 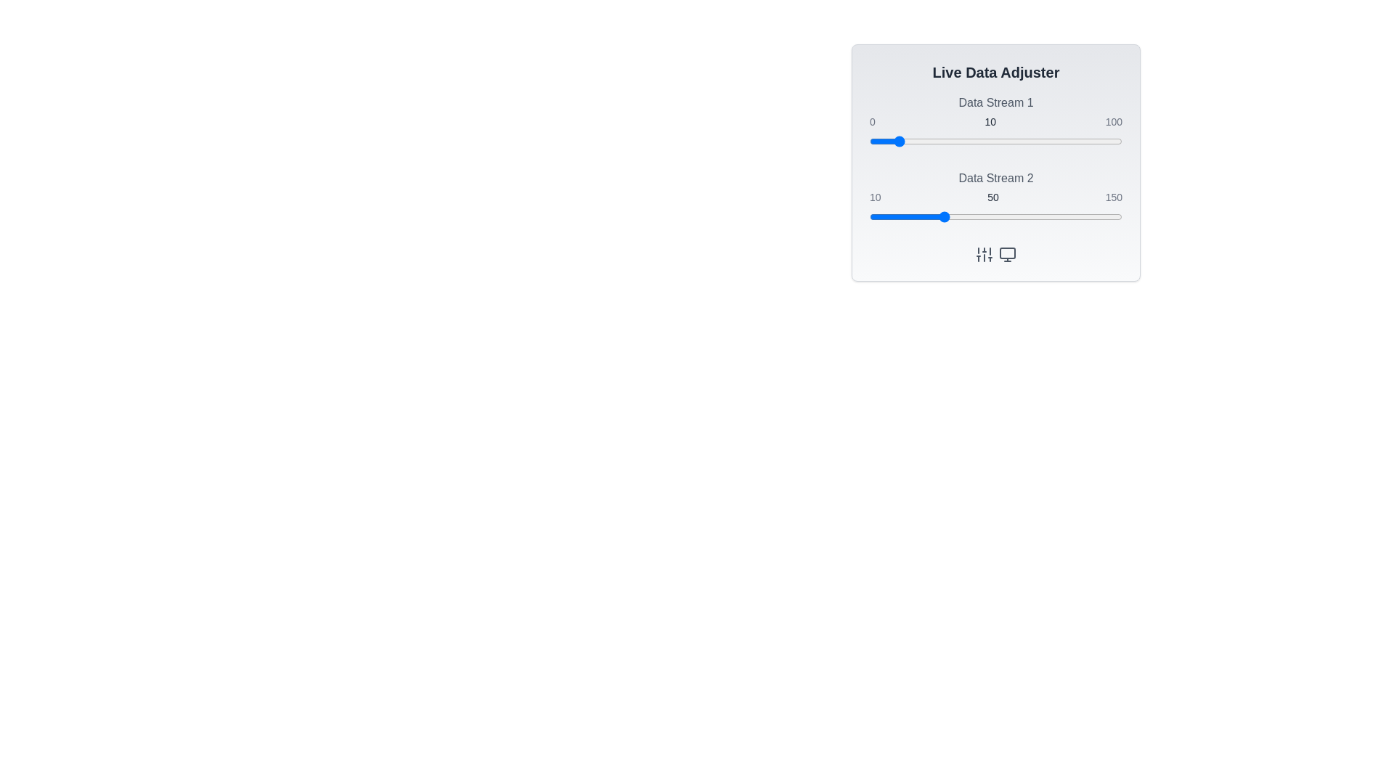 I want to click on the second slider component of the 'Live Data Adjuster' panel, located below 'Data Stream 1', to interact with the slider track or thumb, so click(x=995, y=198).